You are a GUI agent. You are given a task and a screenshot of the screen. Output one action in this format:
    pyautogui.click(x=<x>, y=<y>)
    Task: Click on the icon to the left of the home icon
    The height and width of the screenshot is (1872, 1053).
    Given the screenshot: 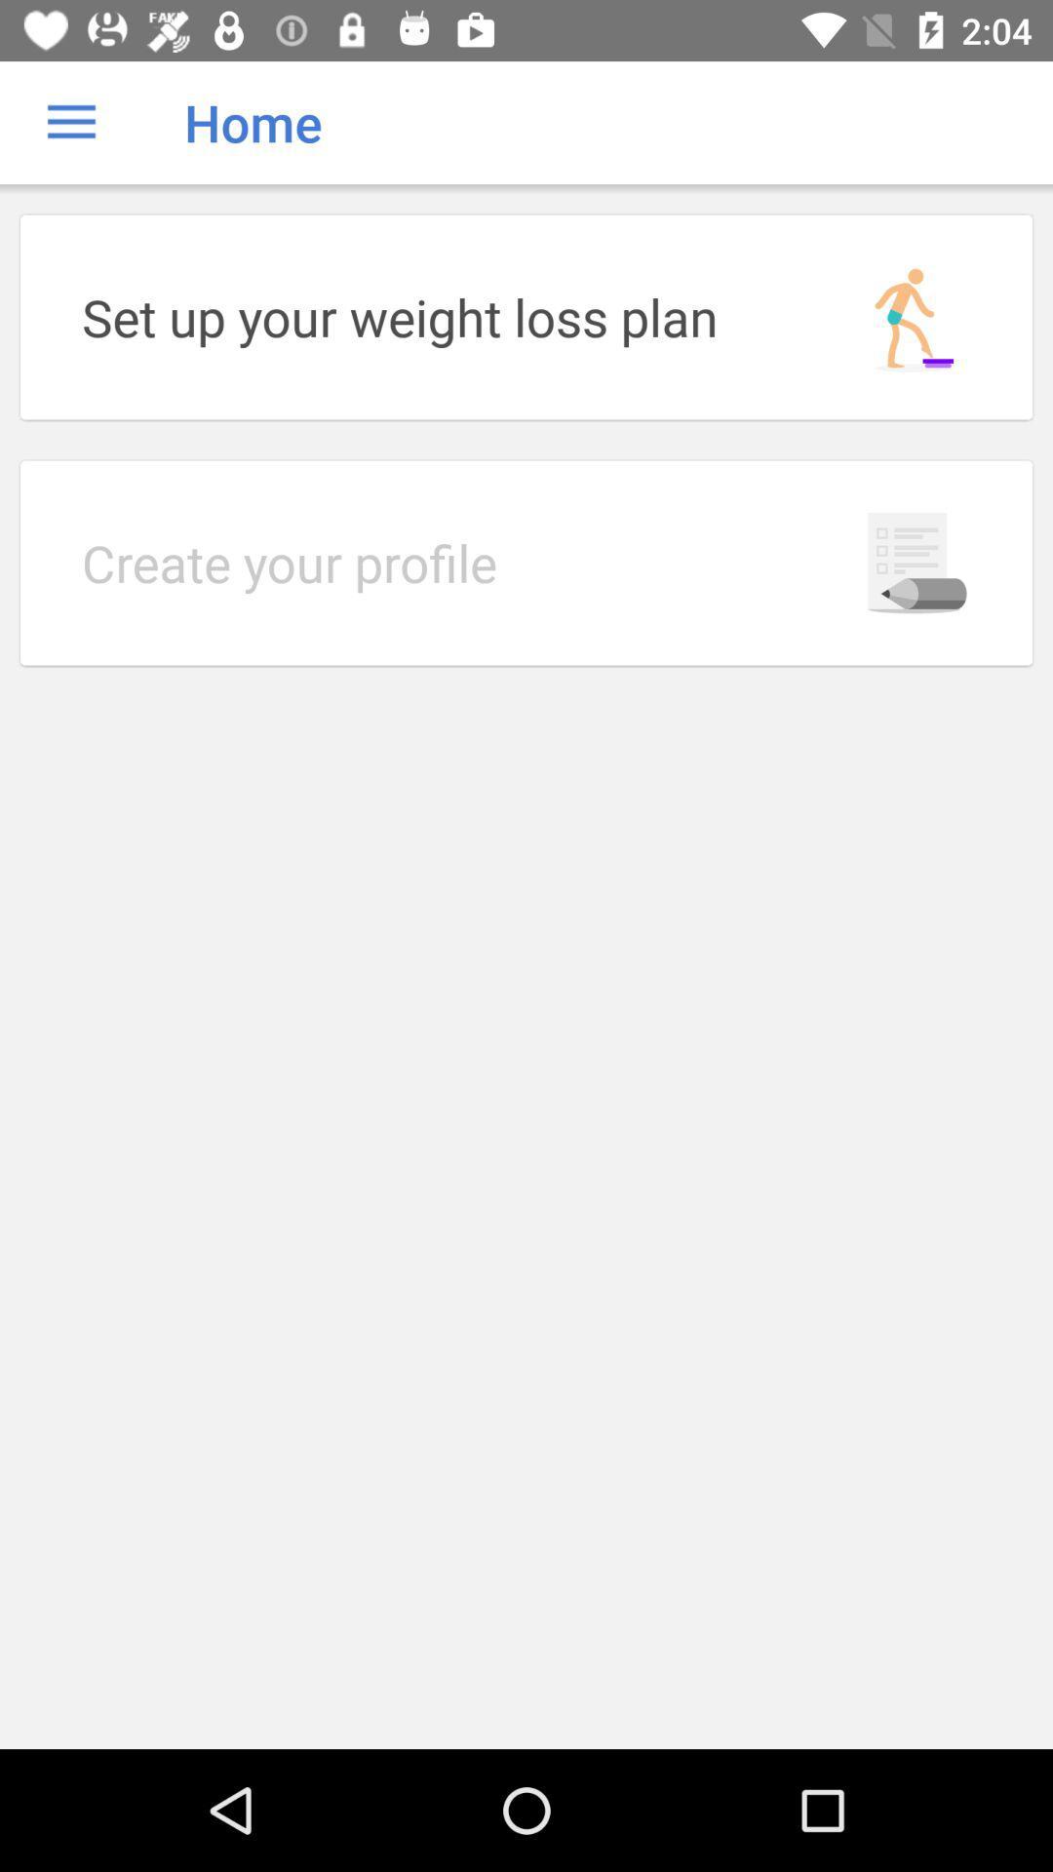 What is the action you would take?
    pyautogui.click(x=70, y=121)
    